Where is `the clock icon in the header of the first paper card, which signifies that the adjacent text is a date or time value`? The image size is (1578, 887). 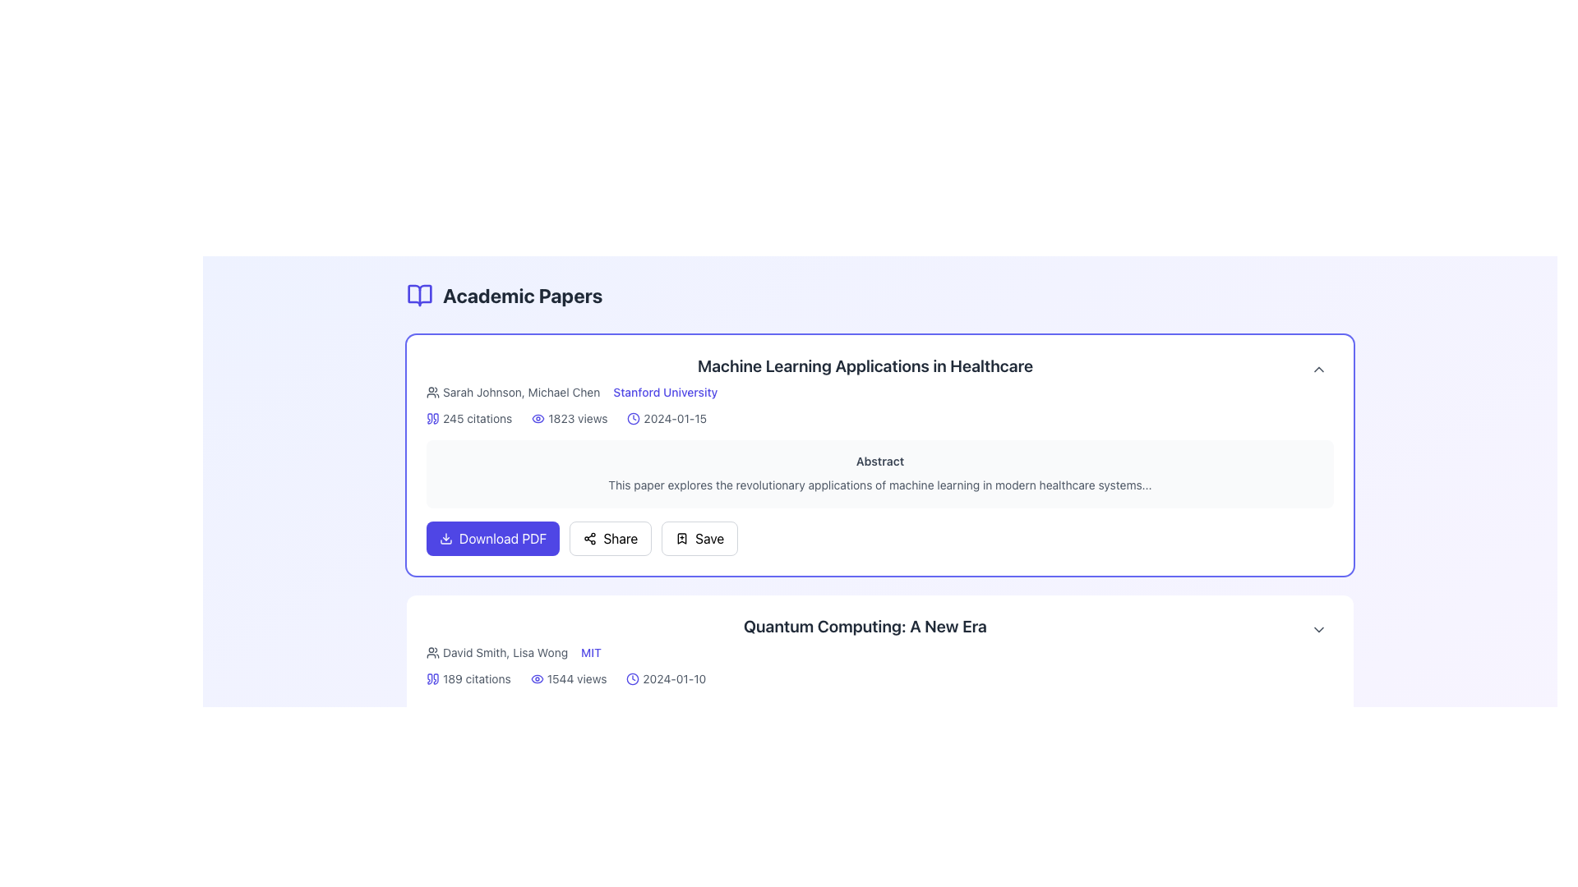
the clock icon in the header of the first paper card, which signifies that the adjacent text is a date or time value is located at coordinates (633, 417).